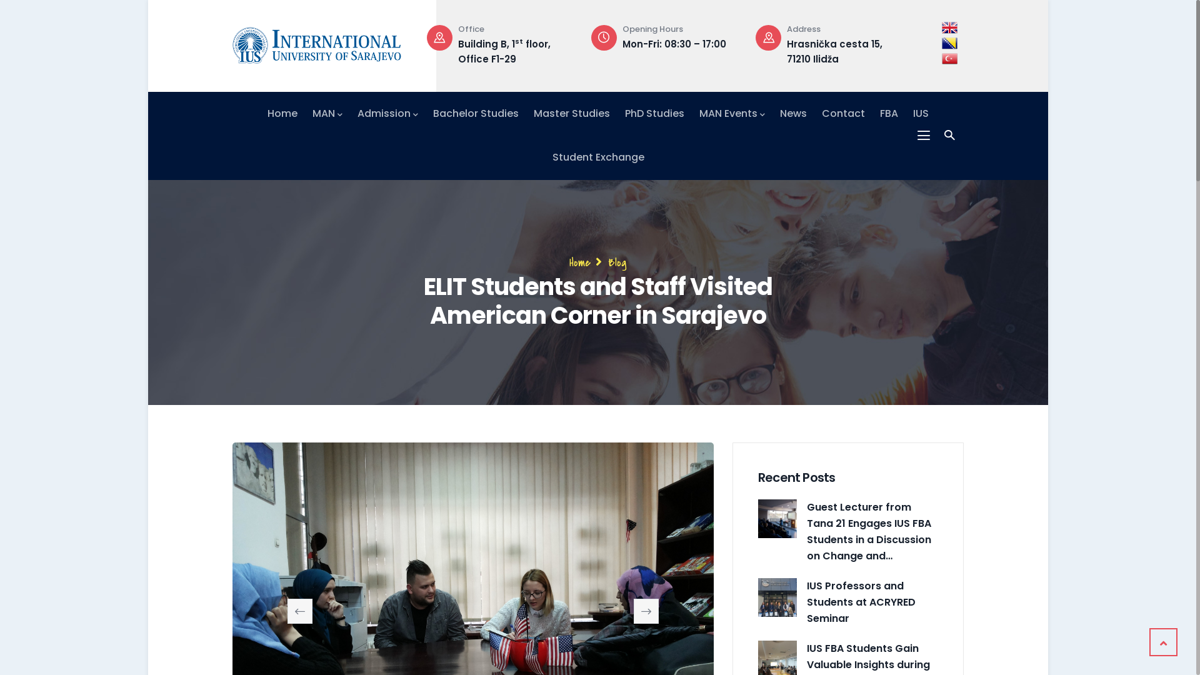 Image resolution: width=1200 pixels, height=675 pixels. What do you see at coordinates (921, 113) in the screenshot?
I see `'IUS'` at bounding box center [921, 113].